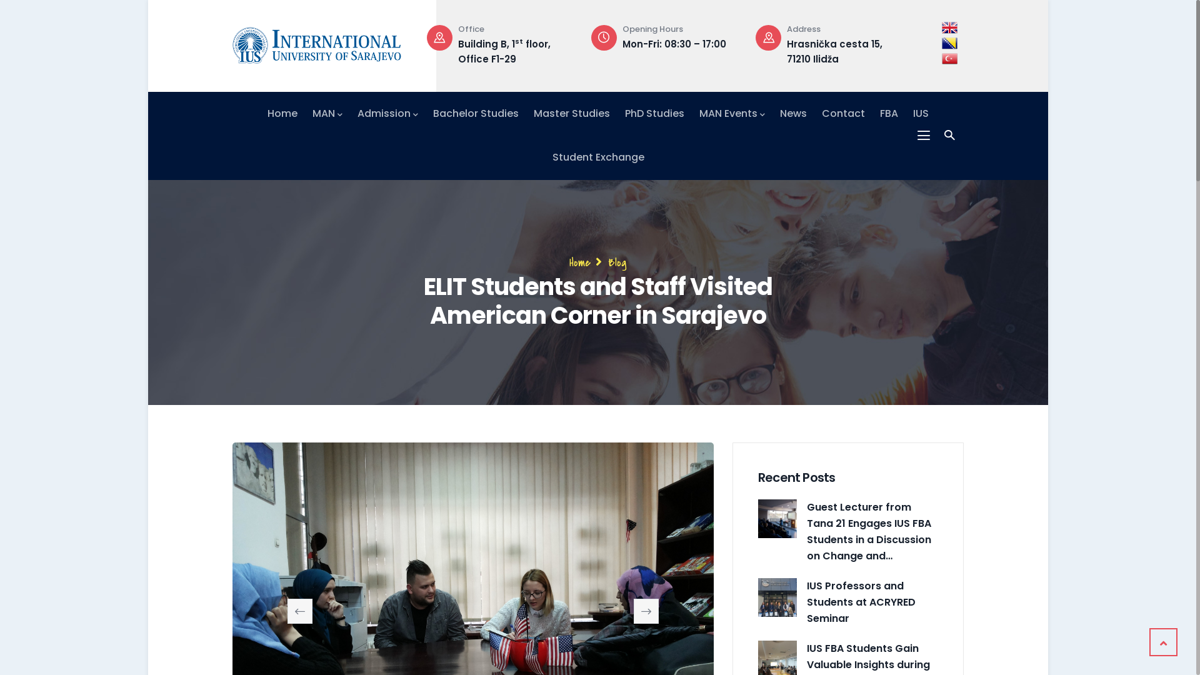 Image resolution: width=1200 pixels, height=675 pixels. What do you see at coordinates (921, 113) in the screenshot?
I see `'IUS'` at bounding box center [921, 113].